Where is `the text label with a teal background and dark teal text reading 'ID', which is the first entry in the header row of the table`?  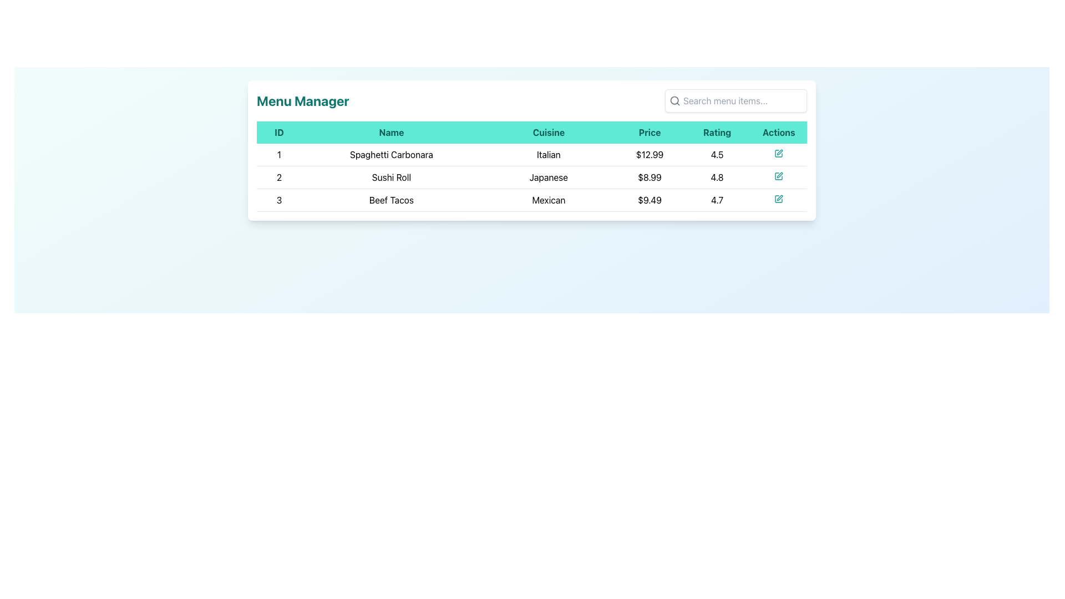 the text label with a teal background and dark teal text reading 'ID', which is the first entry in the header row of the table is located at coordinates (279, 132).